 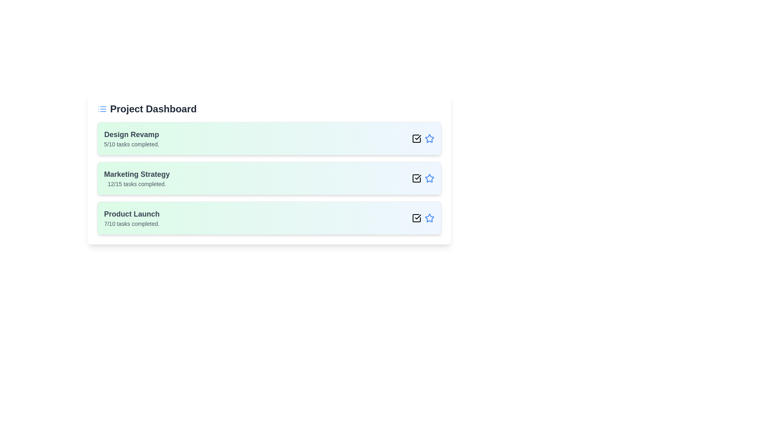 What do you see at coordinates (269, 178) in the screenshot?
I see `the project item corresponding to Marketing Strategy` at bounding box center [269, 178].